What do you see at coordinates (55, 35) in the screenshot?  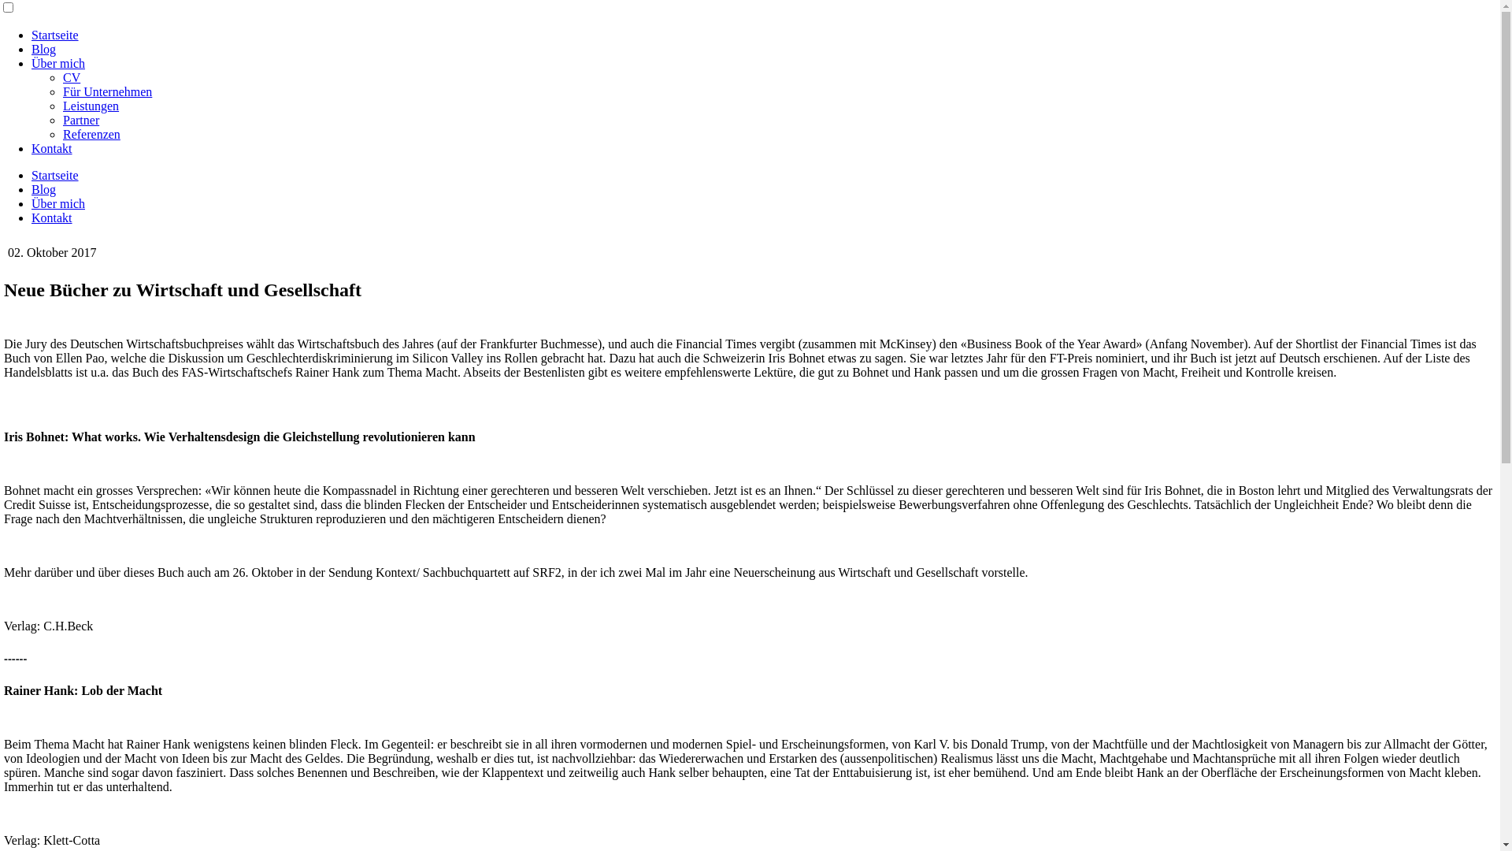 I see `'Startseite'` at bounding box center [55, 35].